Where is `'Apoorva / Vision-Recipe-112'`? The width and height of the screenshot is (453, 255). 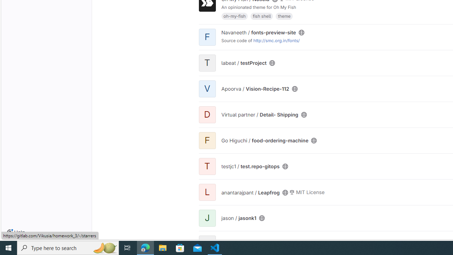 'Apoorva / Vision-Recipe-112' is located at coordinates (255, 88).